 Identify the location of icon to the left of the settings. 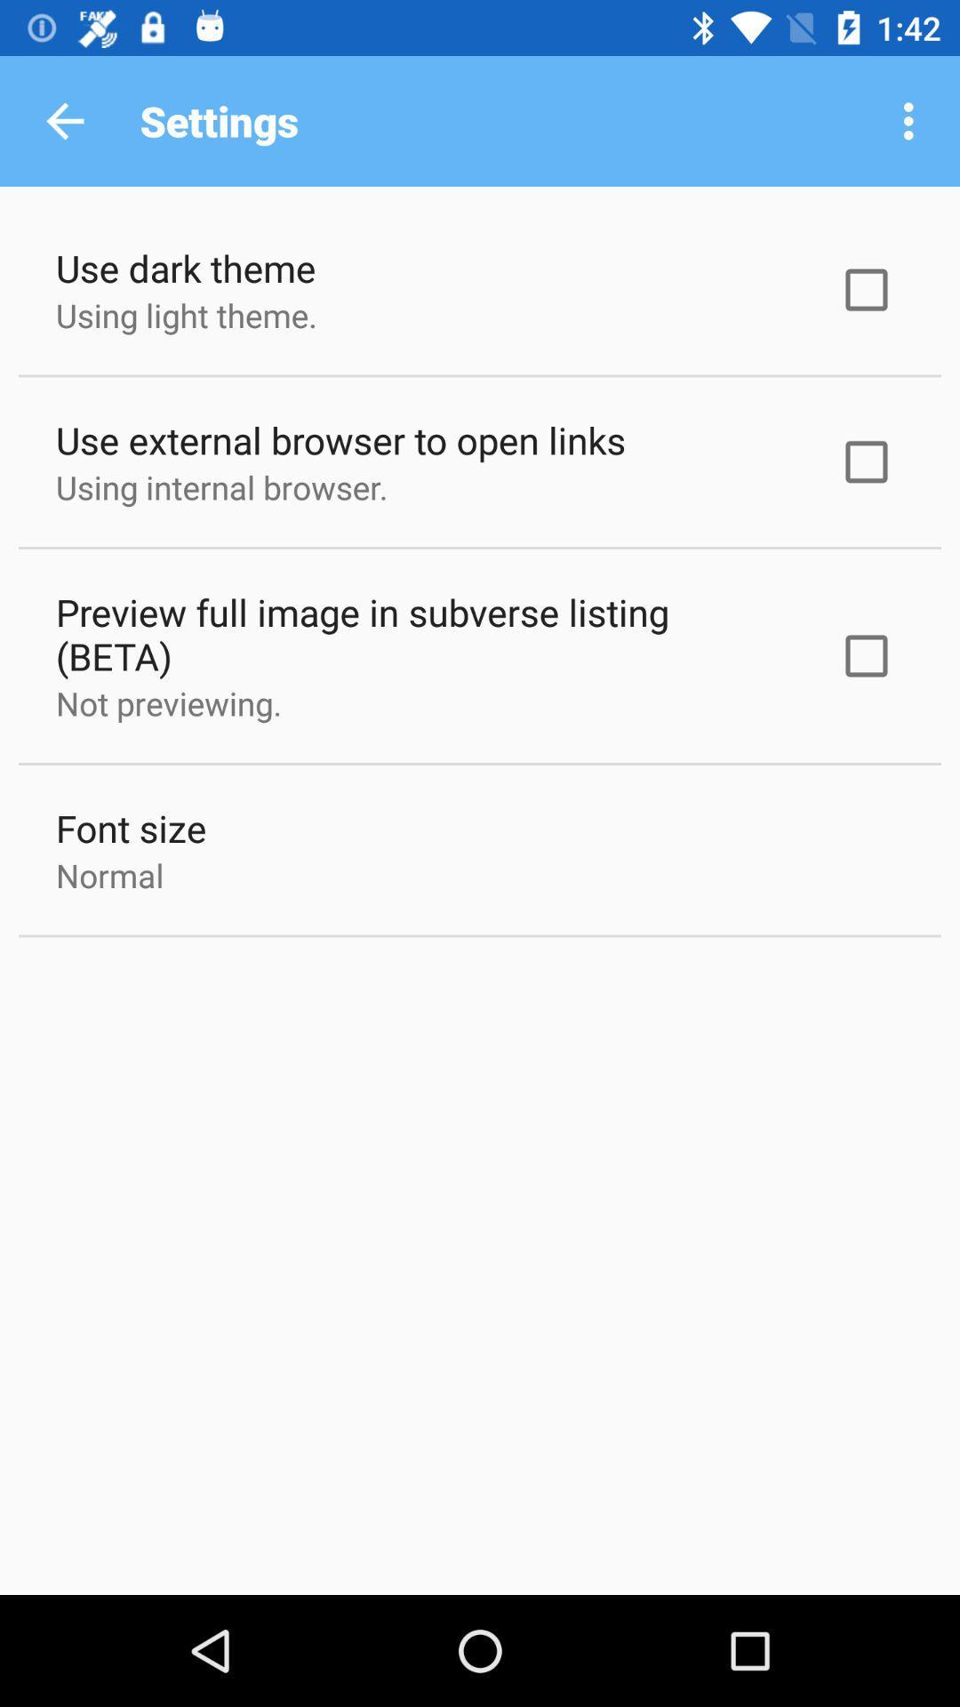
(64, 120).